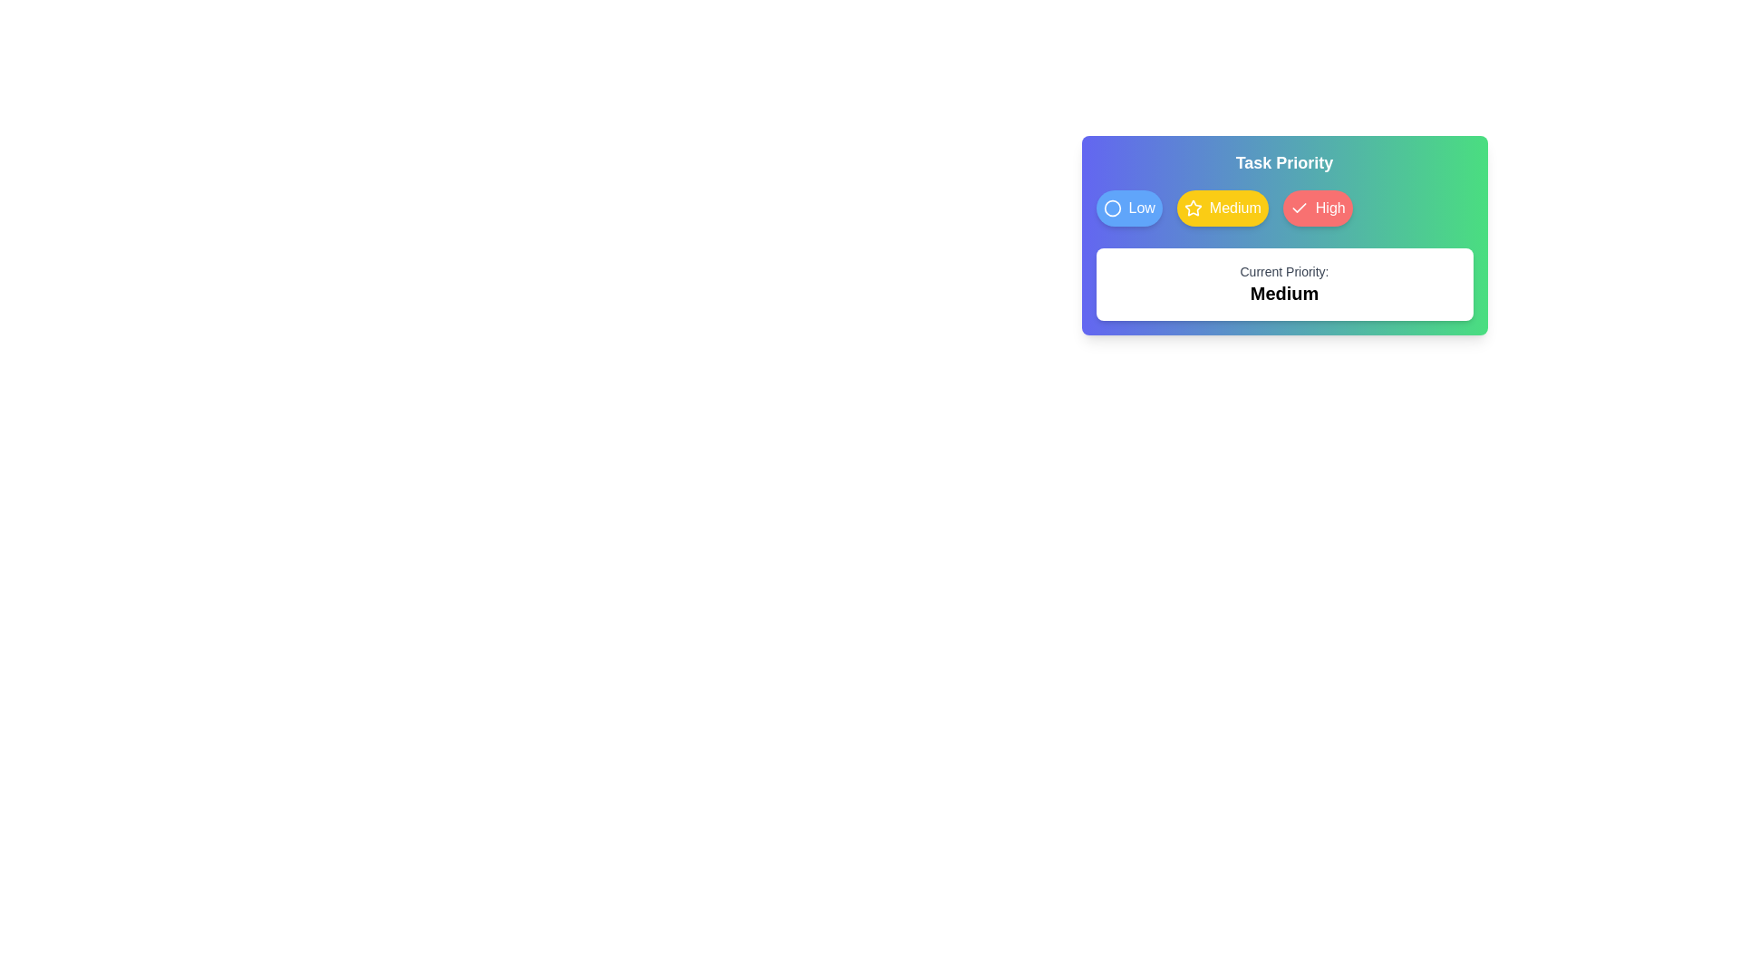  Describe the element at coordinates (1283, 208) in the screenshot. I see `the 'High' button in the button group for selectable options` at that location.